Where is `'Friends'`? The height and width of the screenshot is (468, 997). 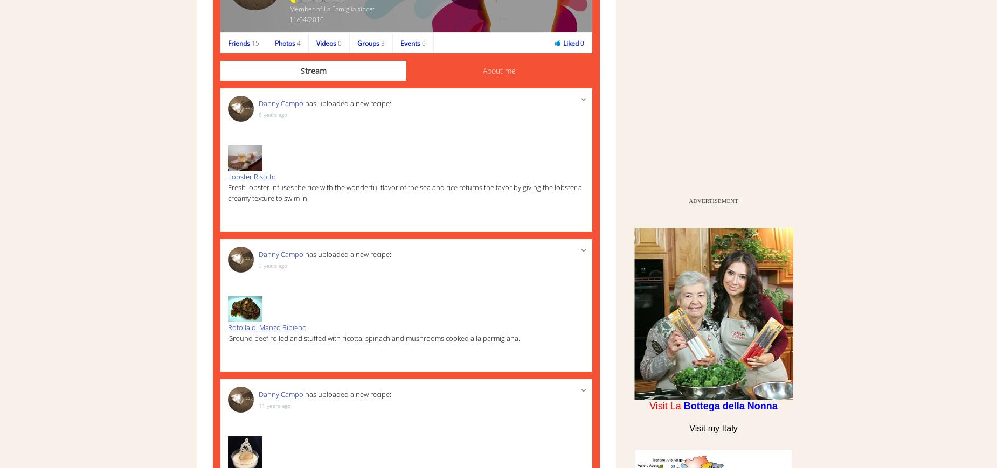
'Friends' is located at coordinates (239, 42).